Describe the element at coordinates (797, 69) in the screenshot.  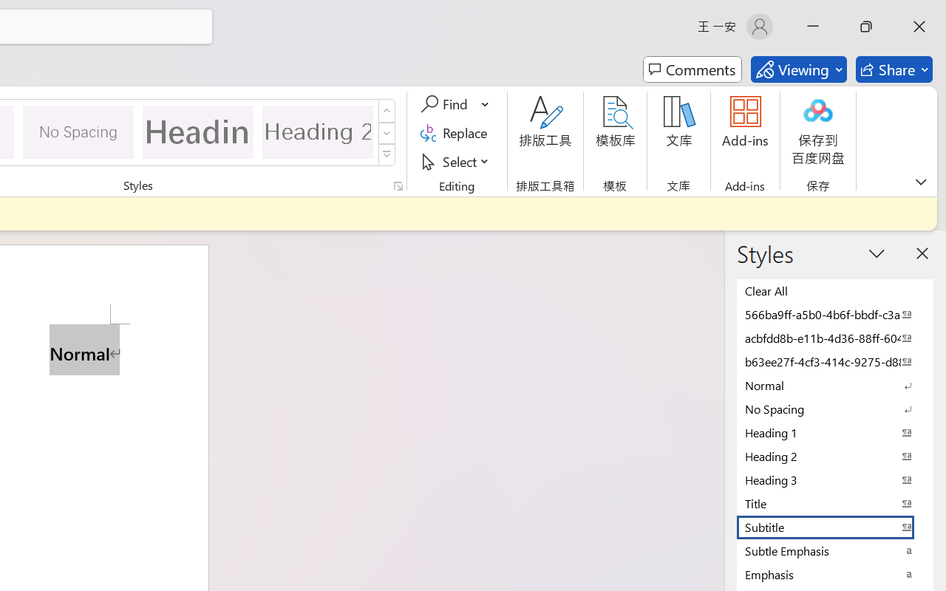
I see `'Mode'` at that location.